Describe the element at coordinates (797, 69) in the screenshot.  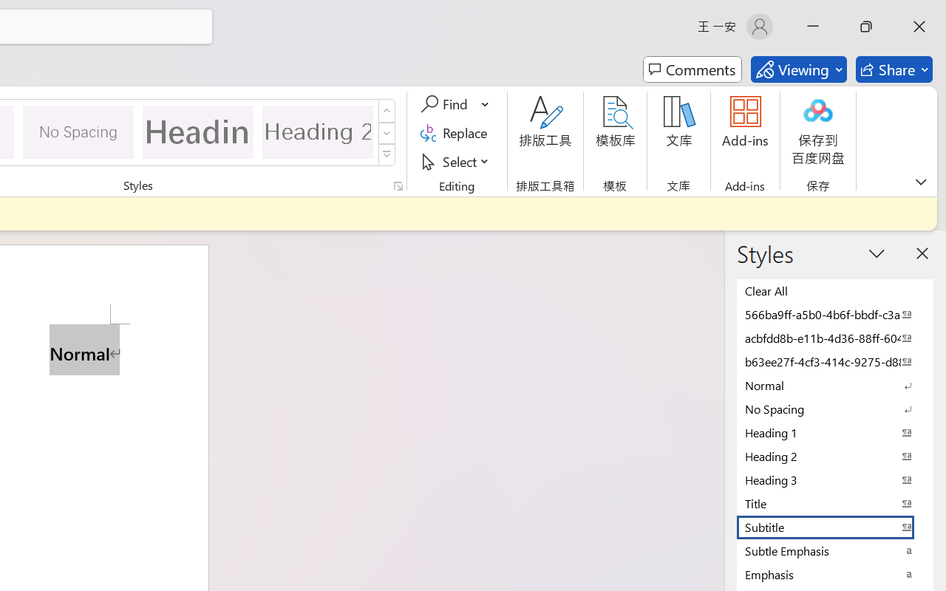
I see `'Mode'` at that location.